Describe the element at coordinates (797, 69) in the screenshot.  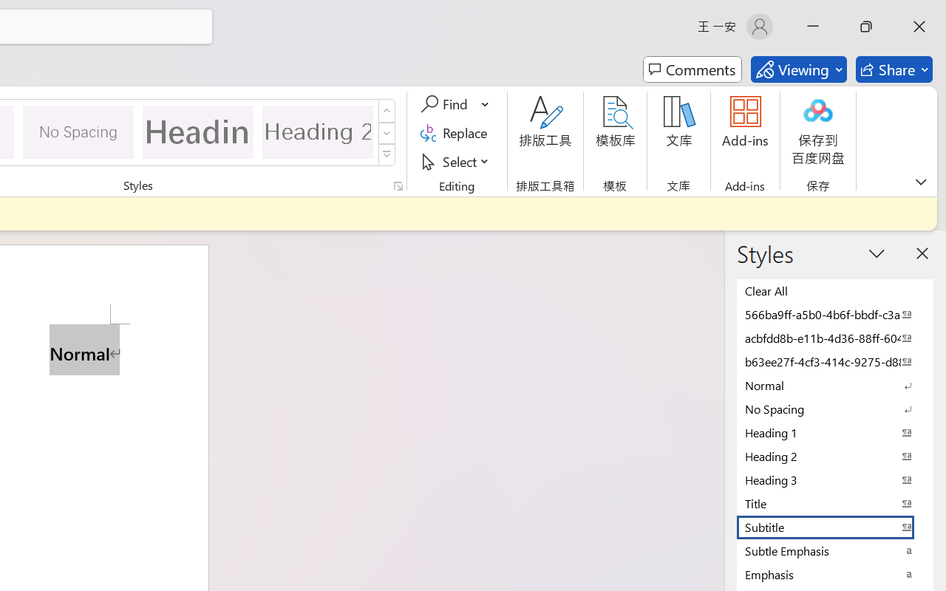
I see `'Mode'` at that location.